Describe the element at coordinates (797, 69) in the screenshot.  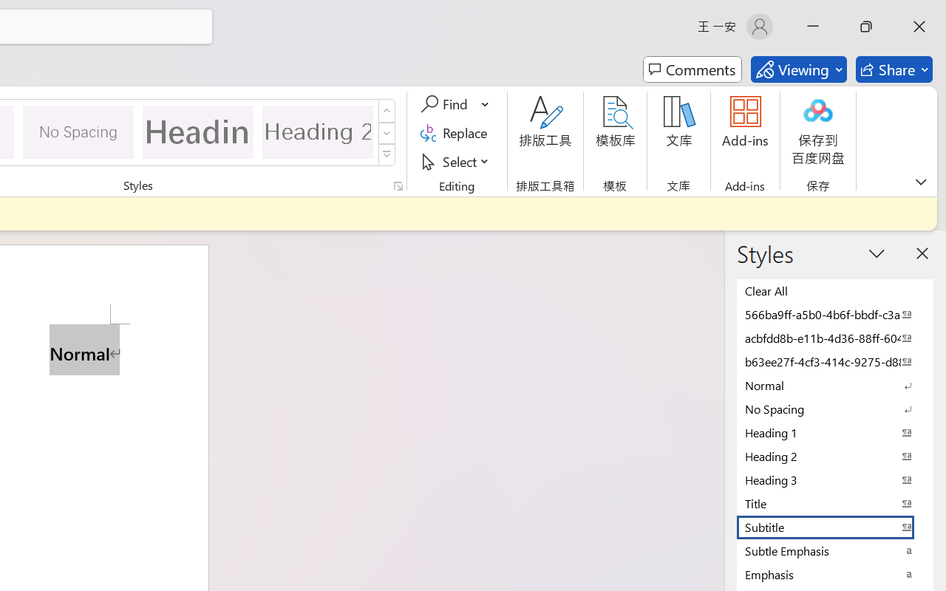
I see `'Mode'` at that location.